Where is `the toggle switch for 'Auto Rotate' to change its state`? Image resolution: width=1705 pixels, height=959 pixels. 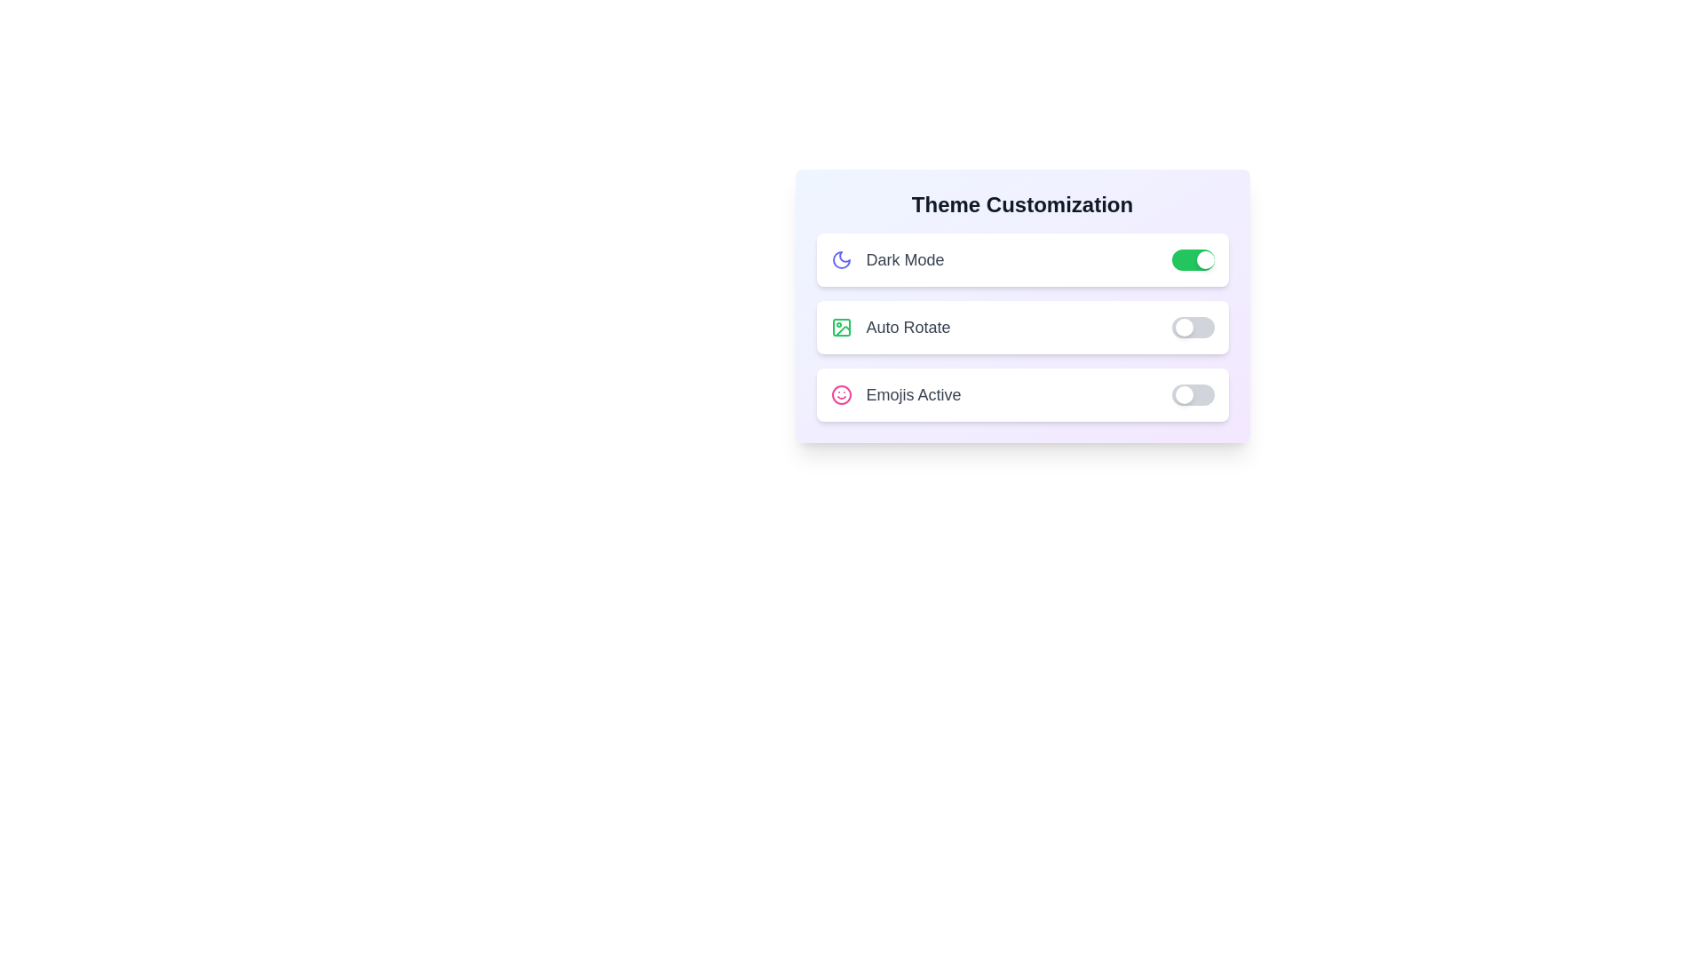
the toggle switch for 'Auto Rotate' to change its state is located at coordinates (1022, 305).